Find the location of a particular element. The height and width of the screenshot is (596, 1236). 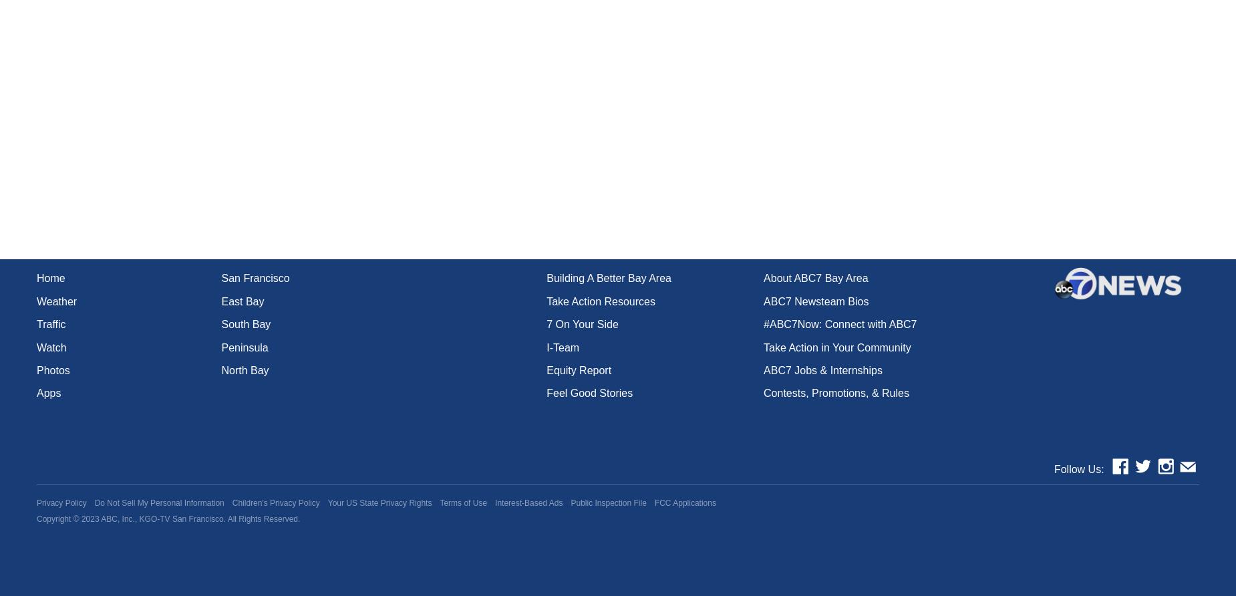

'Copyright ©' is located at coordinates (58, 519).